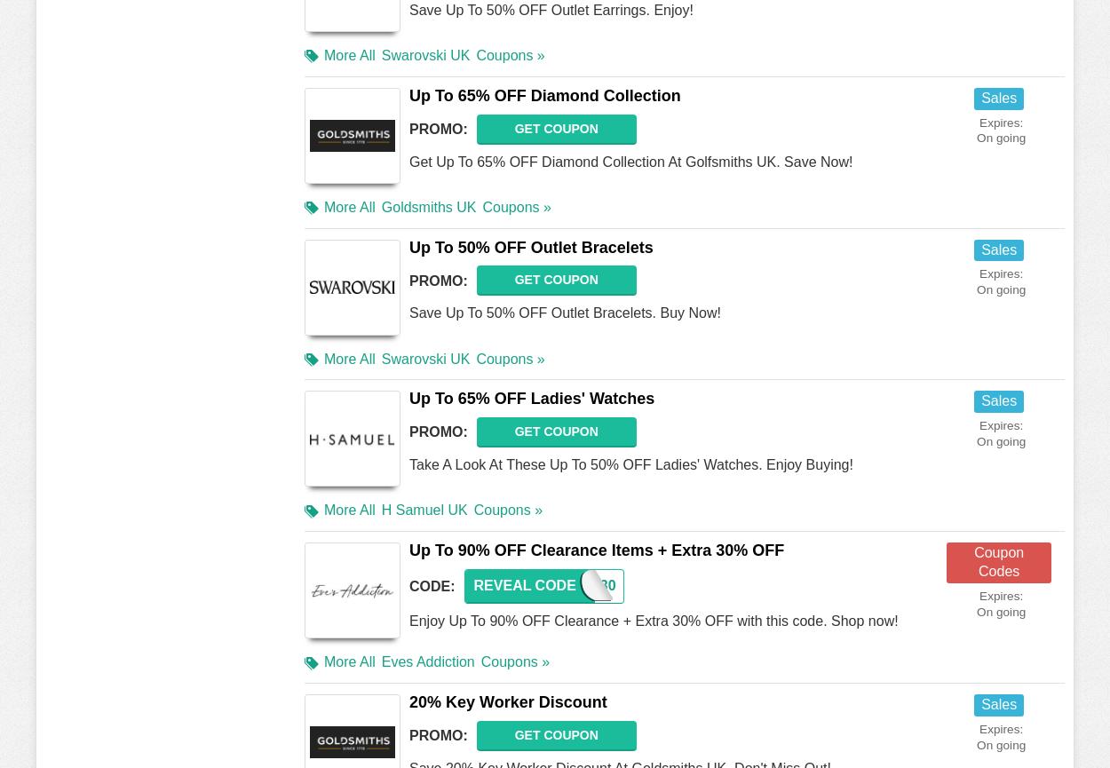 The width and height of the screenshot is (1110, 768). Describe the element at coordinates (431, 585) in the screenshot. I see `'Code:'` at that location.